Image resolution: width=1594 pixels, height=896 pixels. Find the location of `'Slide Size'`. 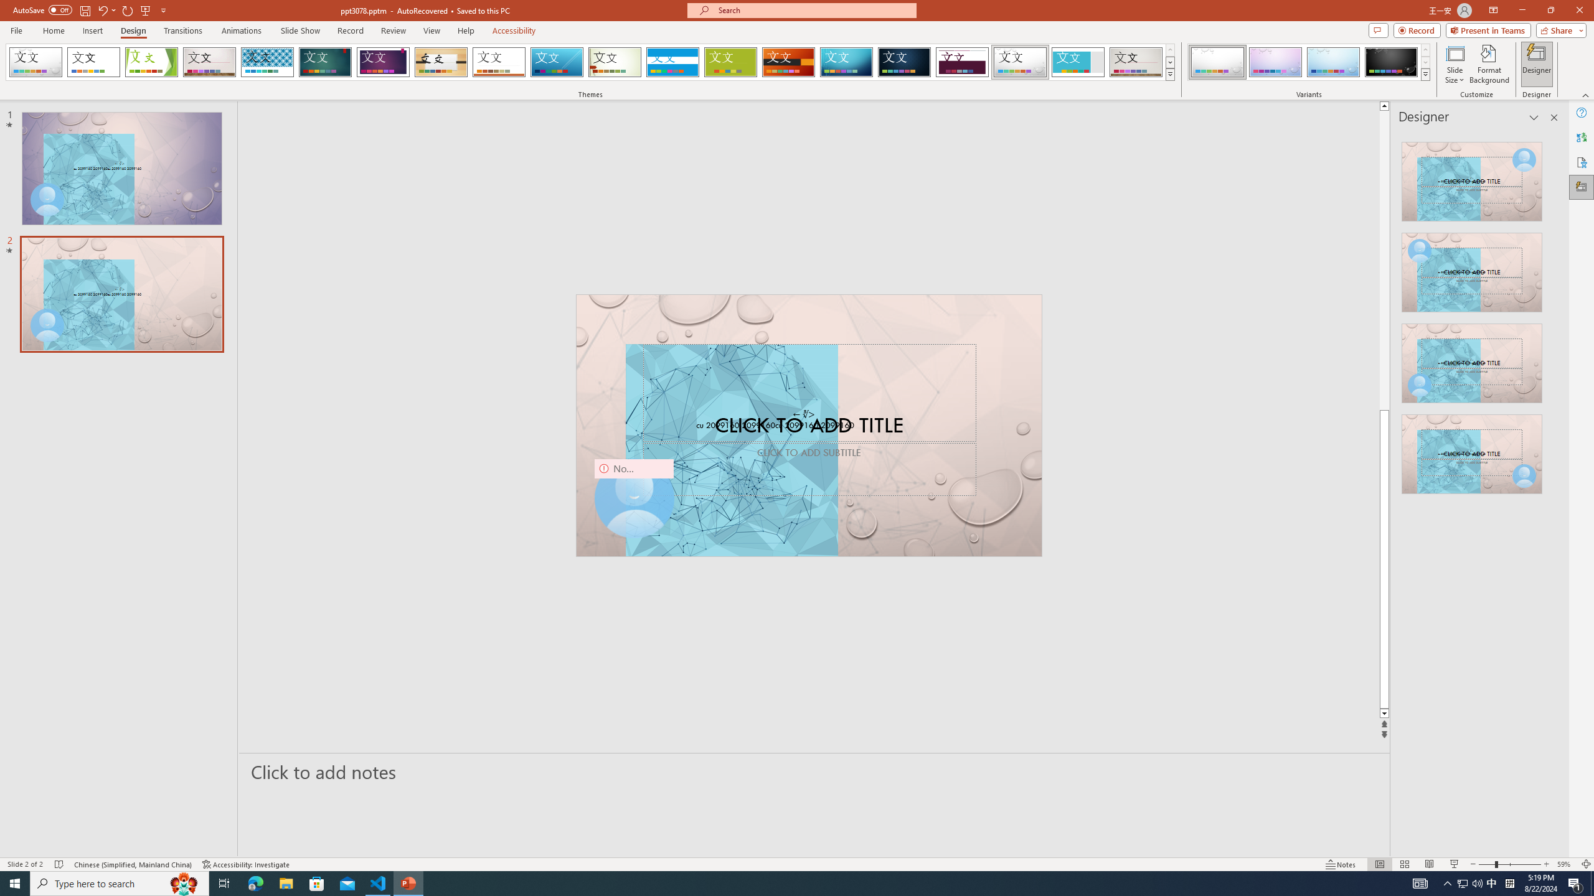

'Slide Size' is located at coordinates (1455, 64).